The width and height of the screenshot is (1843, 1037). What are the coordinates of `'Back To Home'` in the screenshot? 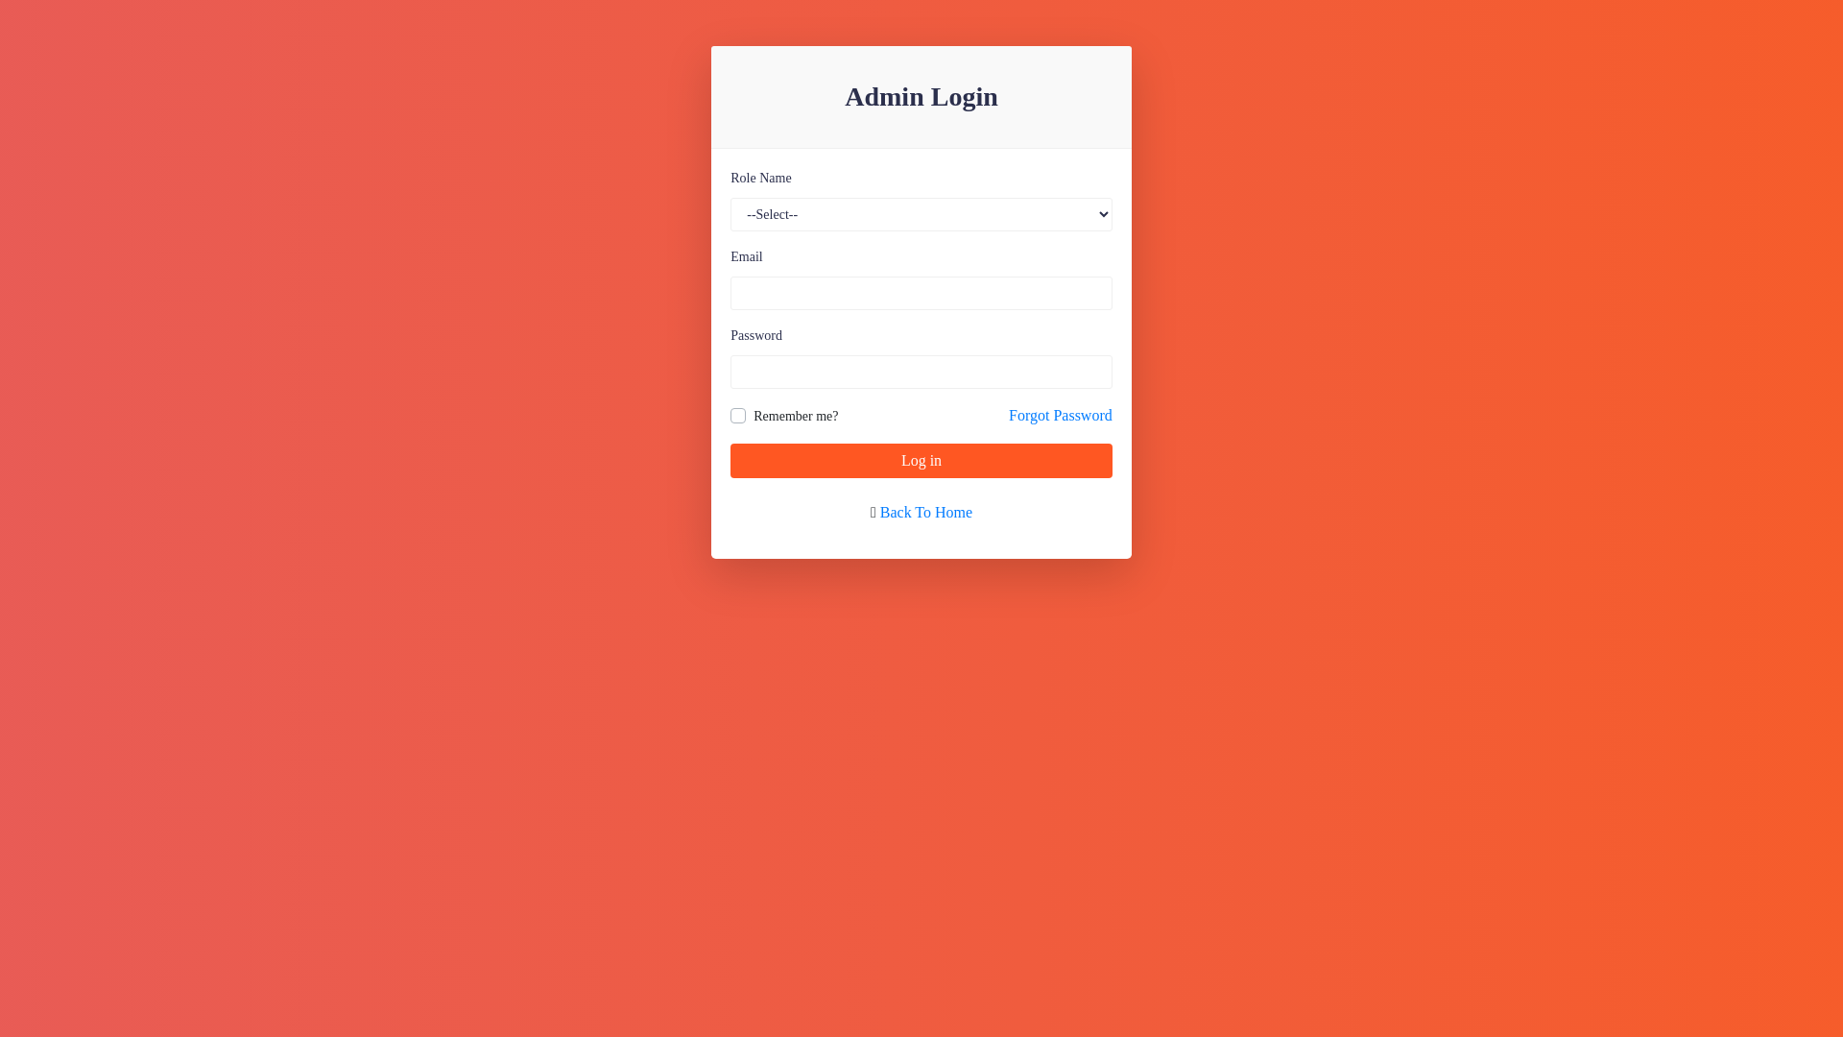 It's located at (925, 511).